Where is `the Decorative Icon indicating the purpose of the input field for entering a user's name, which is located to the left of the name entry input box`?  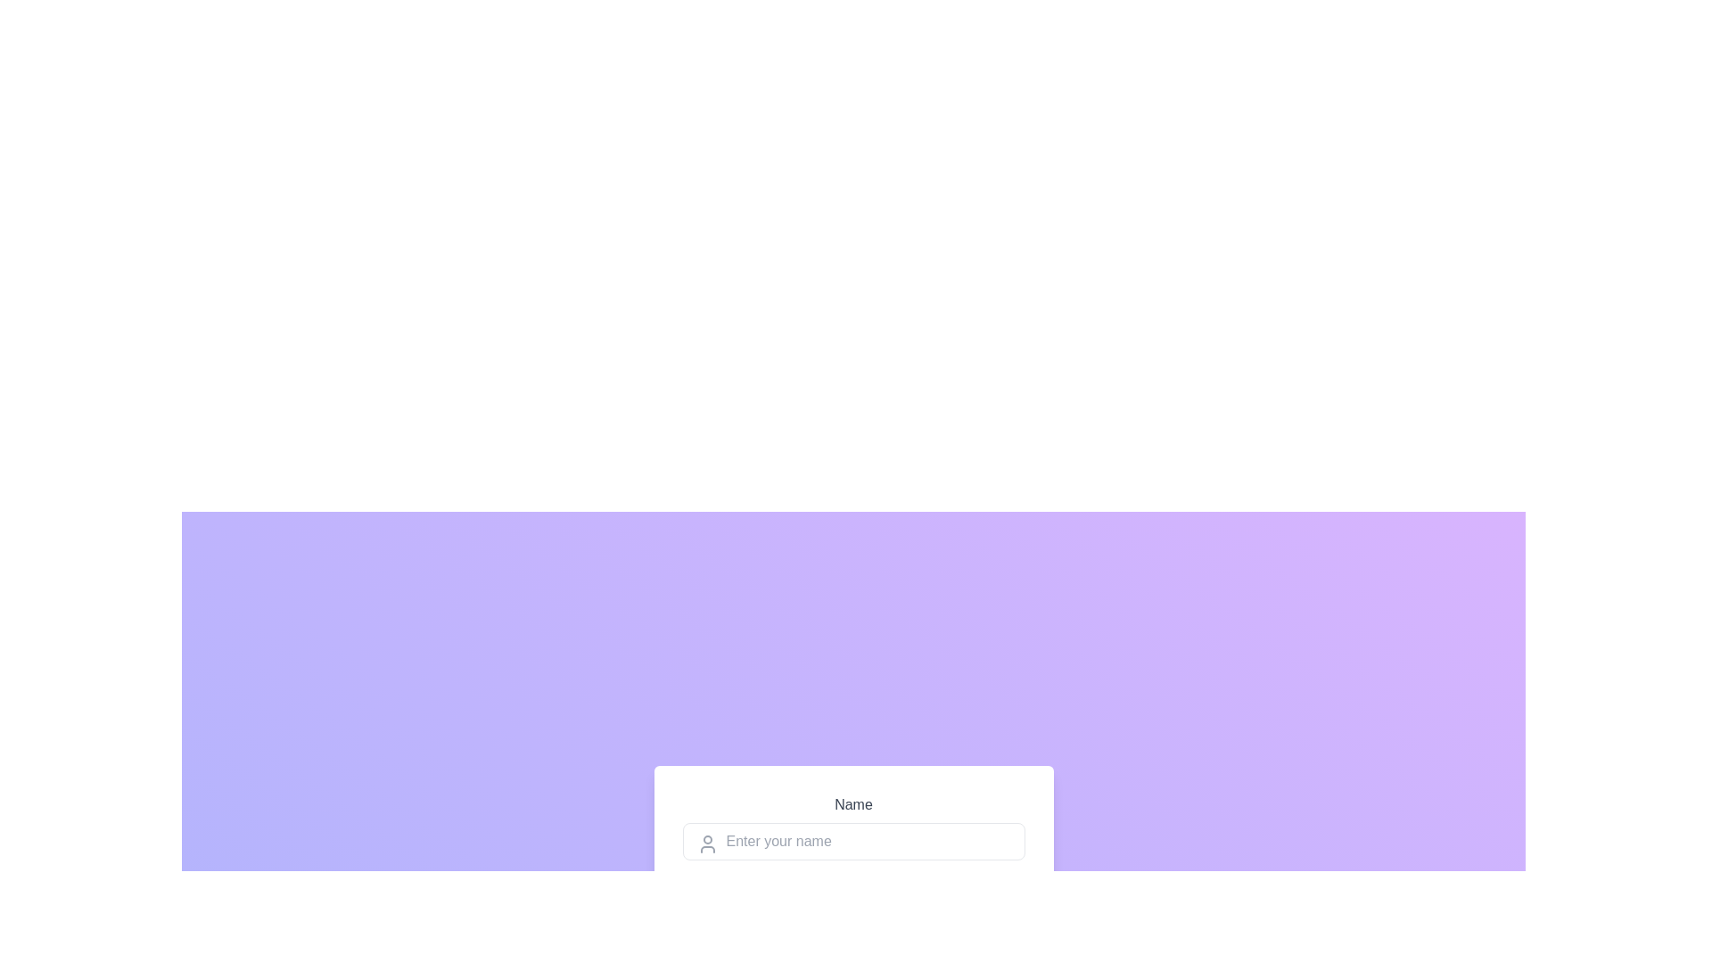 the Decorative Icon indicating the purpose of the input field for entering a user's name, which is located to the left of the name entry input box is located at coordinates (706, 844).